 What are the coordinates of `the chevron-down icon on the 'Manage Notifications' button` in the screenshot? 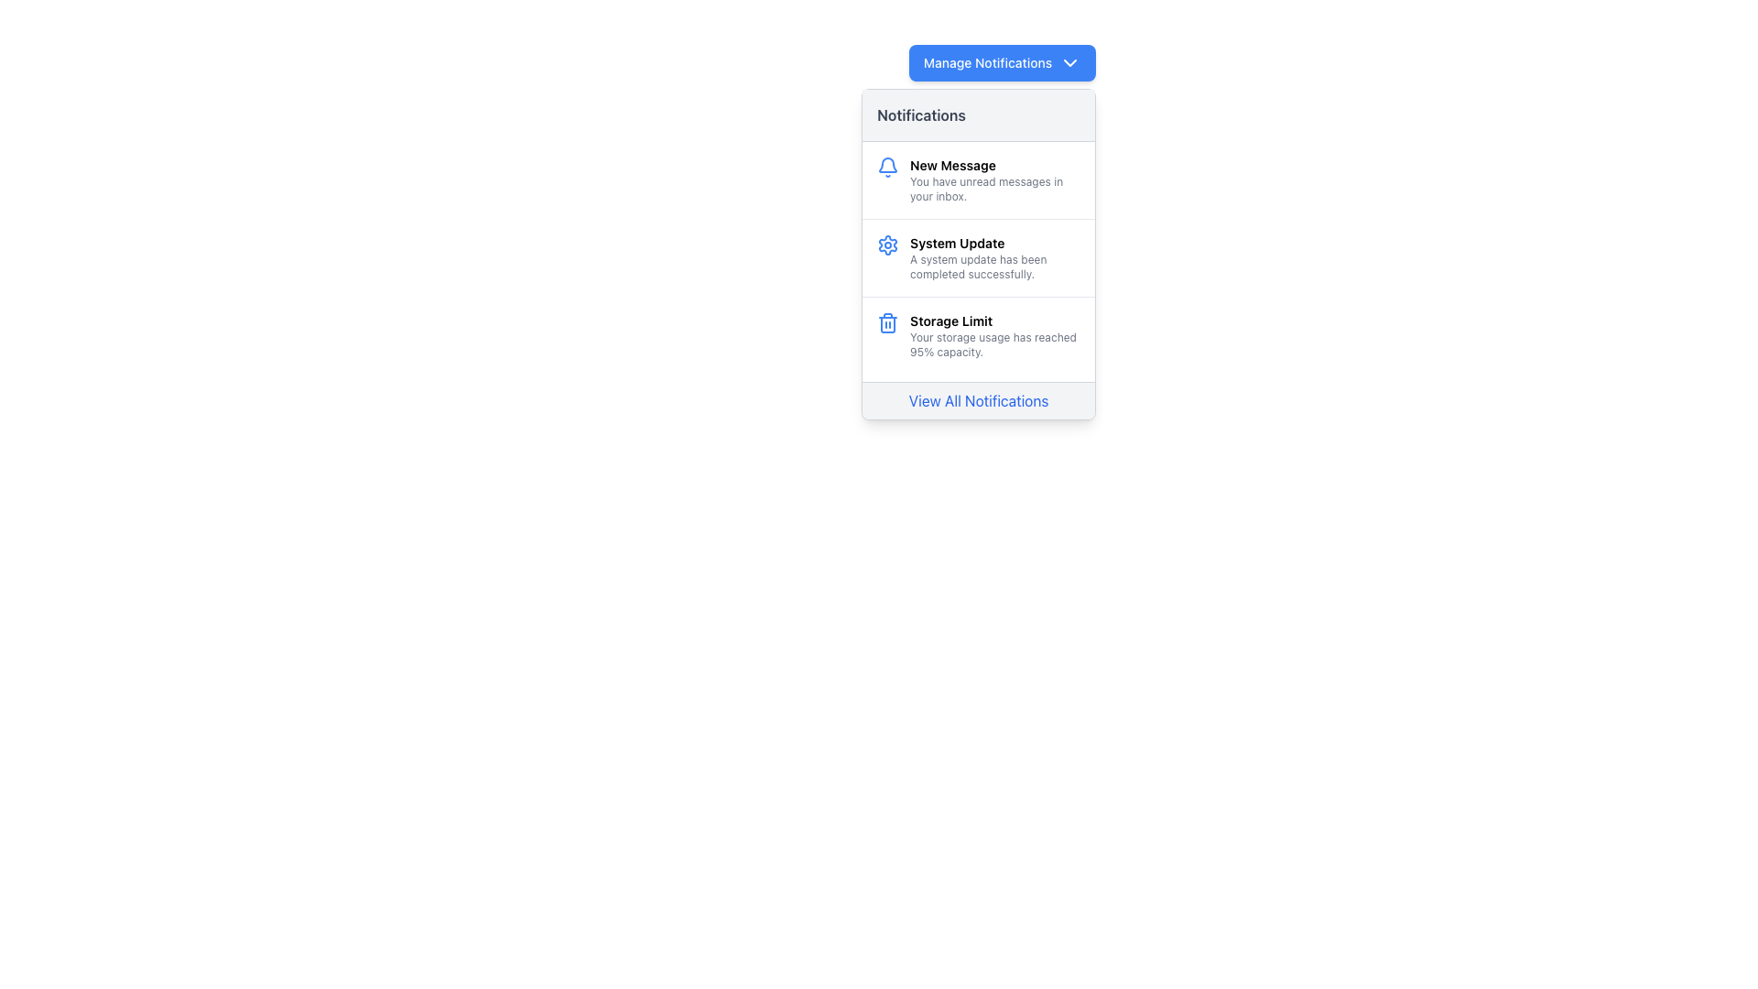 It's located at (1070, 62).